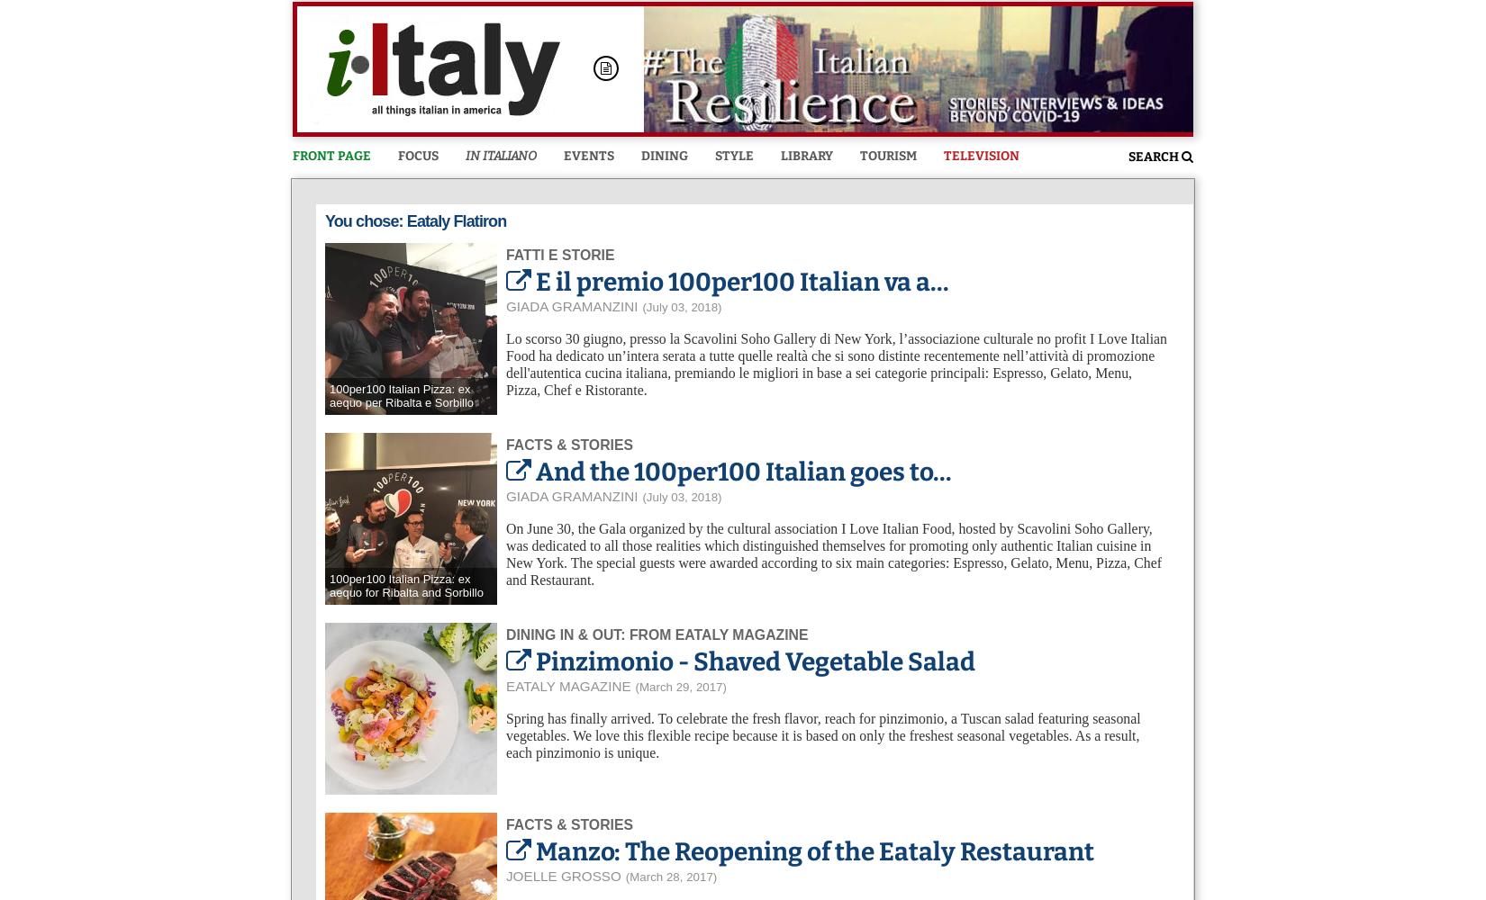 This screenshot has height=900, width=1486. Describe the element at coordinates (656, 634) in the screenshot. I see `'Dining in & out: From Eataly Magazine'` at that location.